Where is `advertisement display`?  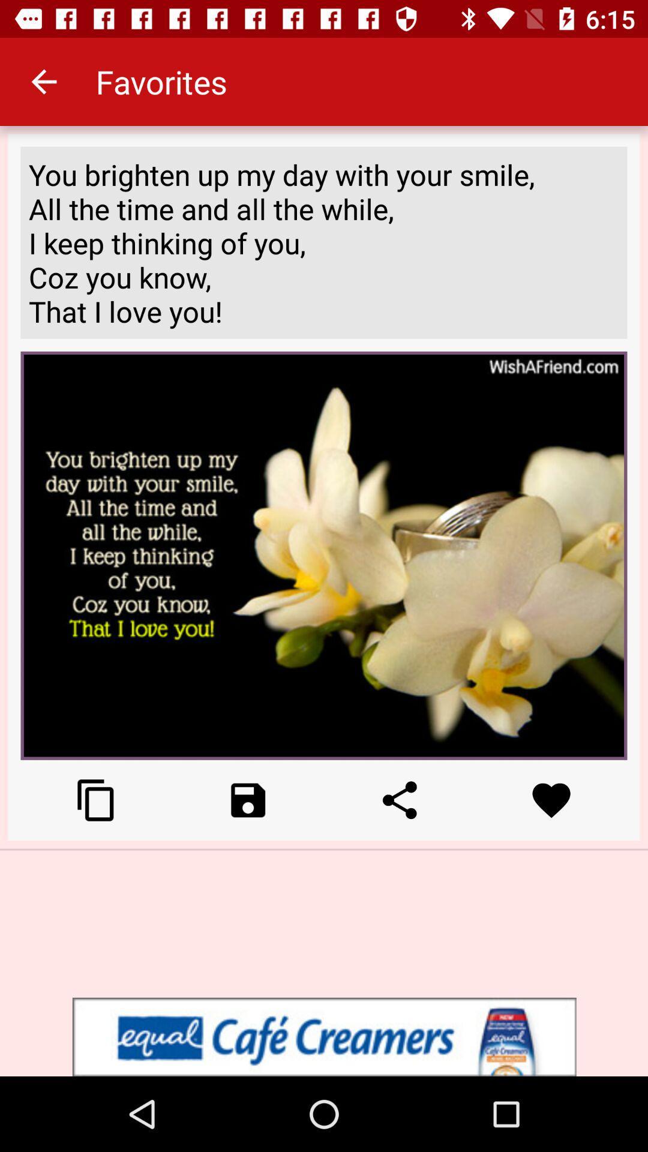 advertisement display is located at coordinates (324, 1036).